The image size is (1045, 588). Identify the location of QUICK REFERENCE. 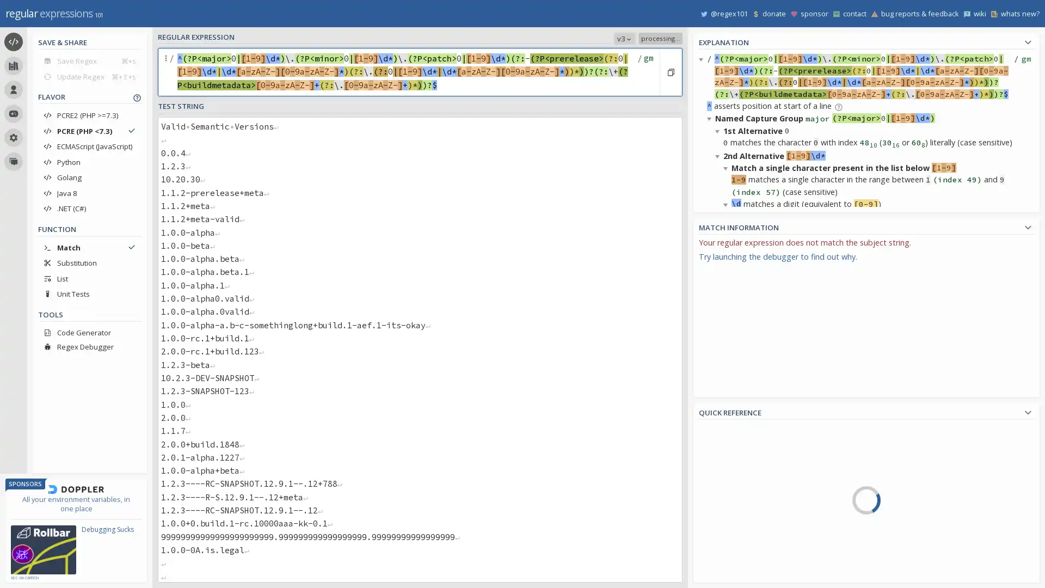
(866, 411).